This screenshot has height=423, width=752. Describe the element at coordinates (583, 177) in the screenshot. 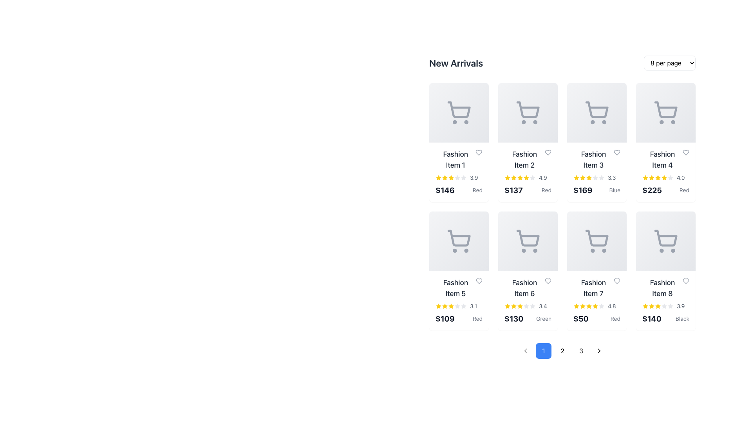

I see `the filled yellow star icon, which is the third star in the row of rating elements for the product 'Fashion Item 3', to interact with it for rating` at that location.